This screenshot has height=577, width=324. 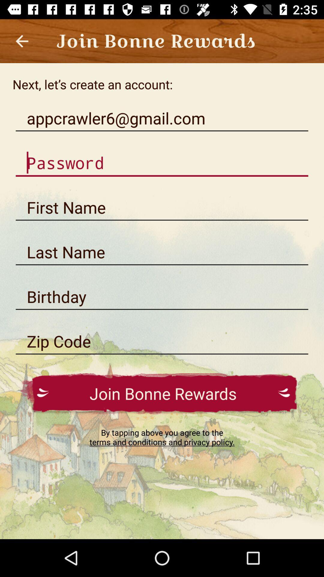 What do you see at coordinates (162, 252) in the screenshot?
I see `write last name` at bounding box center [162, 252].